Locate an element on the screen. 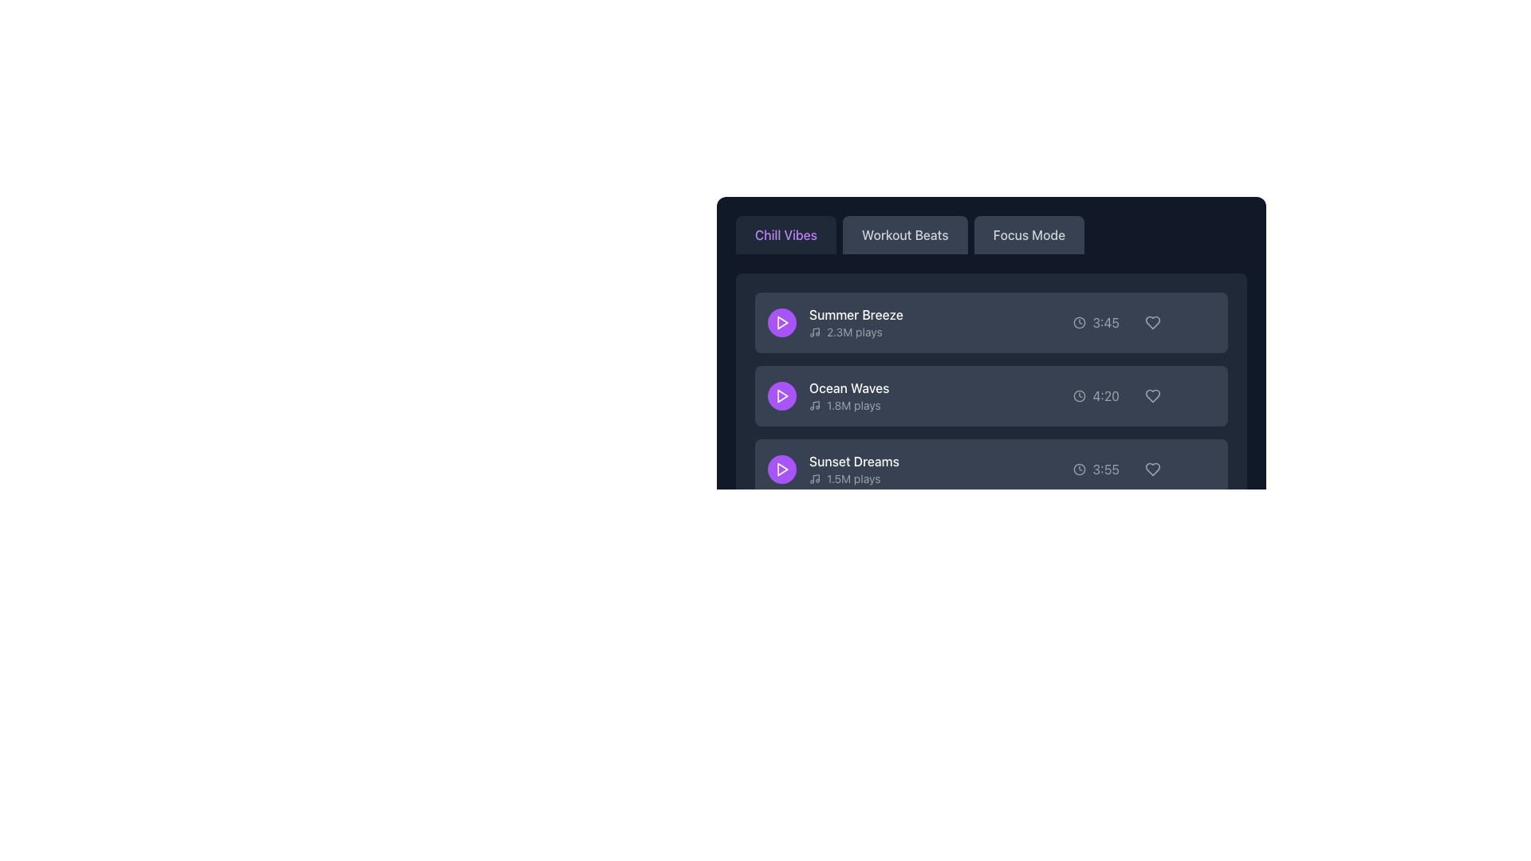 This screenshot has height=861, width=1531. the outer circular ring of the clock icon, which is visually representative of time and located adjacent to the 'Ocean Waves' playlist entry and the duration text '4:20' is located at coordinates (1080, 395).